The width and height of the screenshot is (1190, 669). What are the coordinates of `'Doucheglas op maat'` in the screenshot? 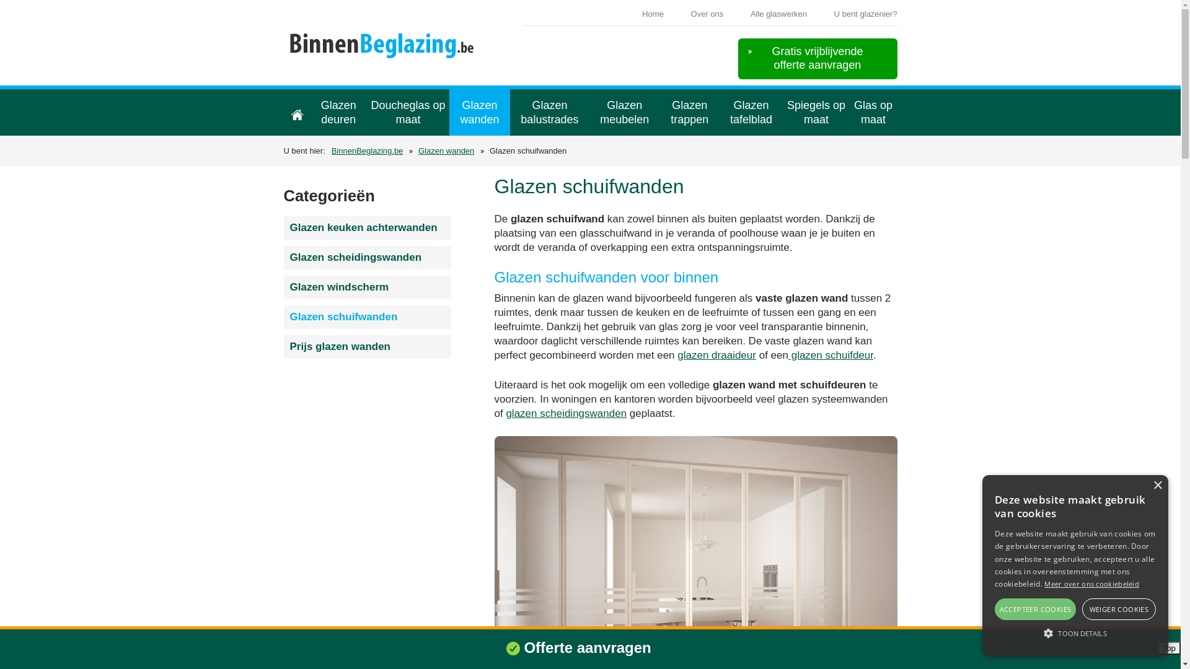 It's located at (408, 112).